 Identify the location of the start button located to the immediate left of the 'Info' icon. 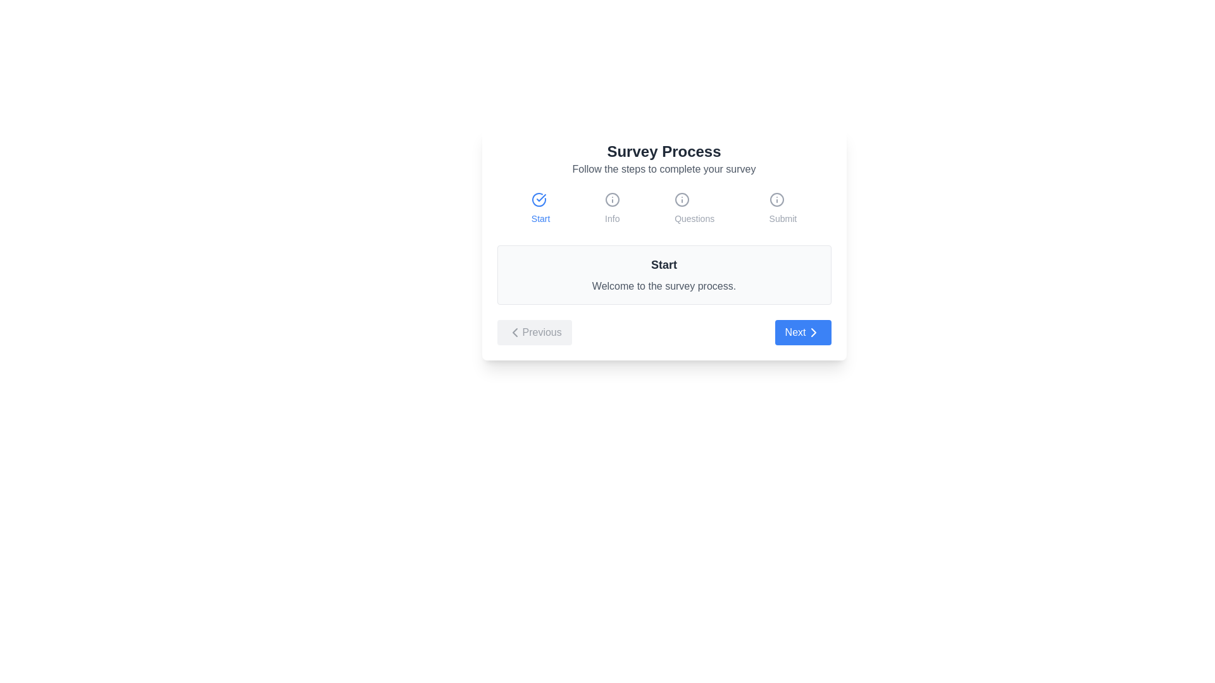
(540, 208).